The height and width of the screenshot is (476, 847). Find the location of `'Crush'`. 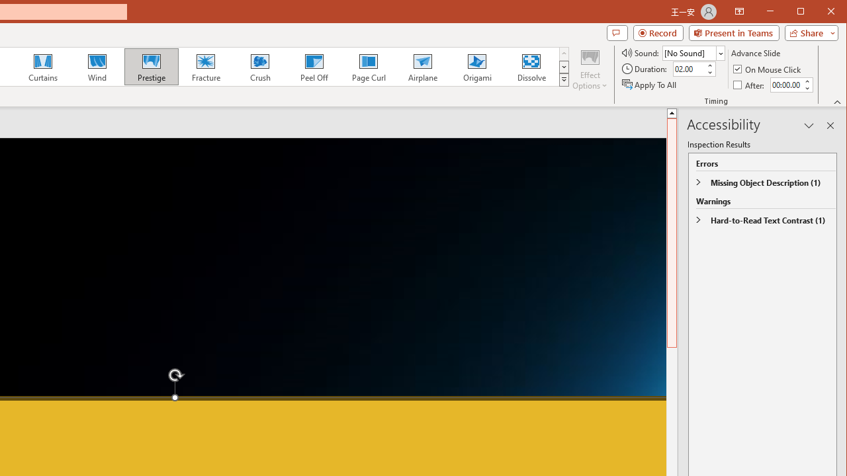

'Crush' is located at coordinates (259, 66).